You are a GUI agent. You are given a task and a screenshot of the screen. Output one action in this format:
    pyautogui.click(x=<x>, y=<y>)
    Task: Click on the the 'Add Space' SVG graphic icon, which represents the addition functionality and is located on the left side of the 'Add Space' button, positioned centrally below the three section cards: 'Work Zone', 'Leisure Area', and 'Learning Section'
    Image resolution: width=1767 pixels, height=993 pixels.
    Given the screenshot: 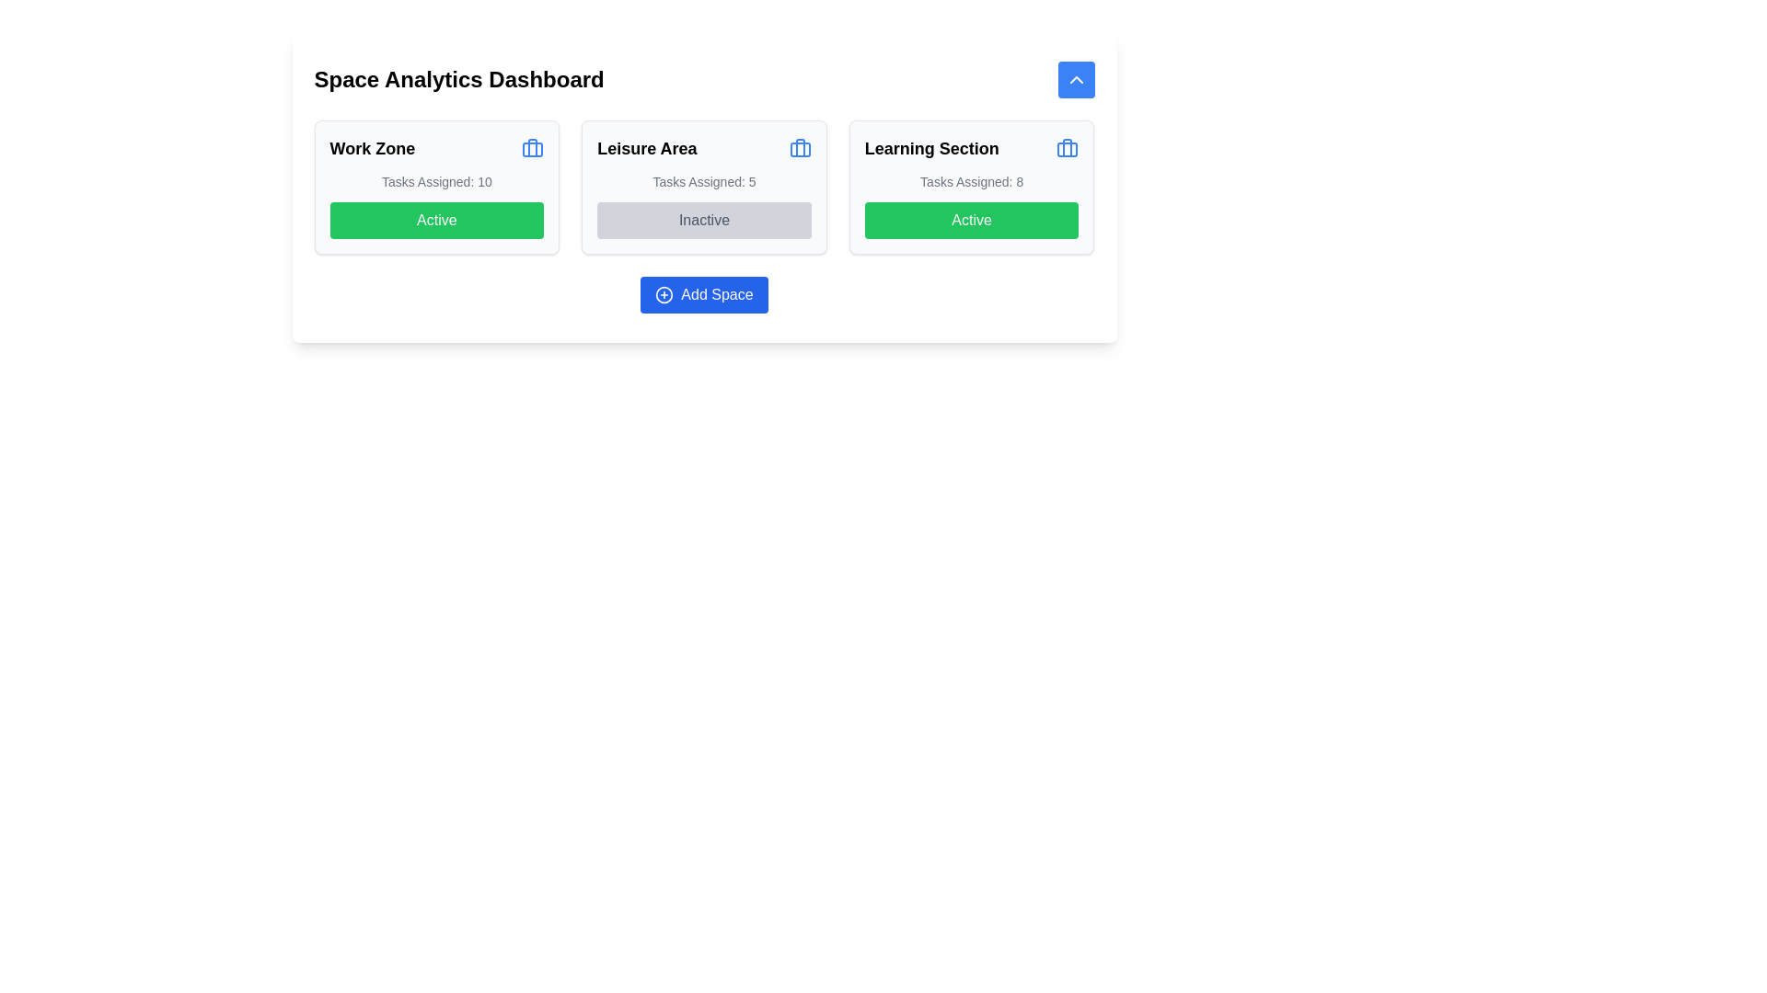 What is the action you would take?
    pyautogui.click(x=664, y=293)
    